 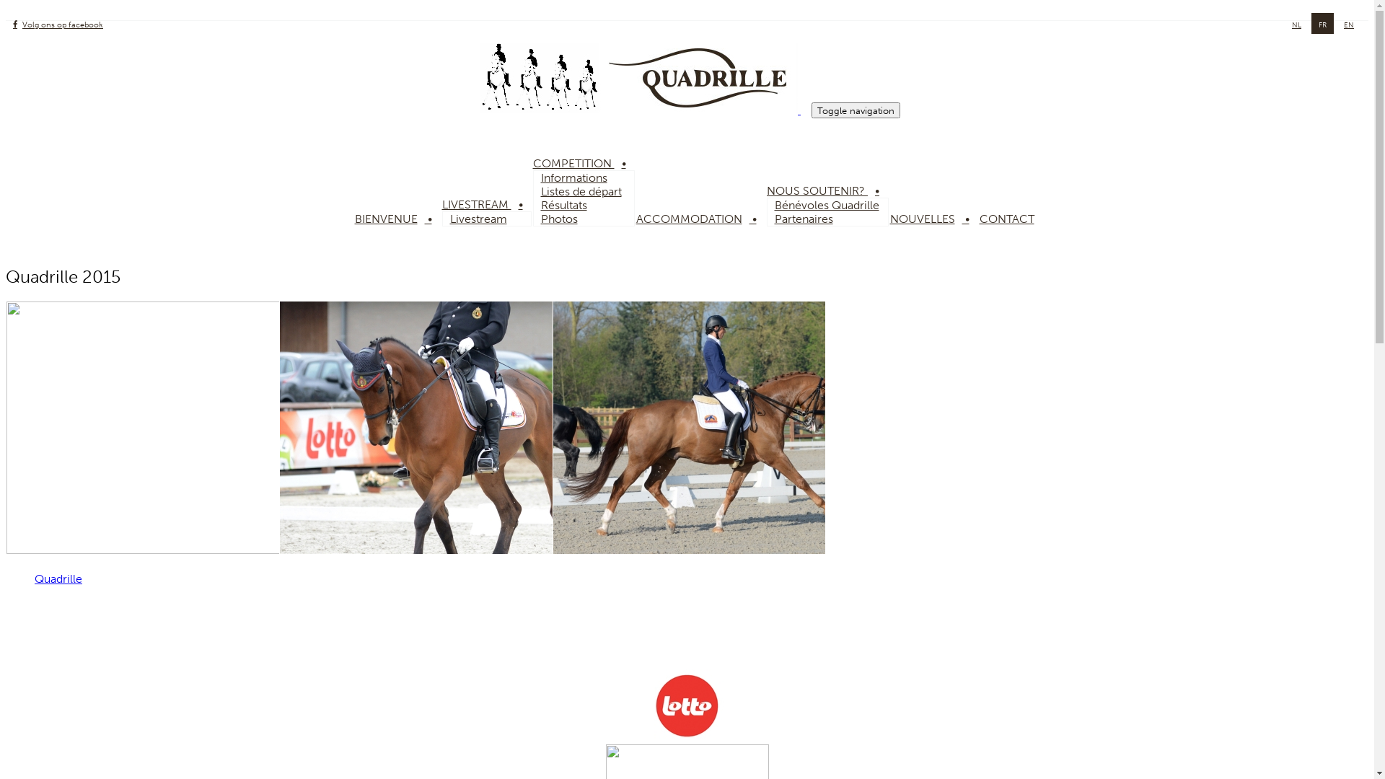 What do you see at coordinates (803, 219) in the screenshot?
I see `'Partenaires'` at bounding box center [803, 219].